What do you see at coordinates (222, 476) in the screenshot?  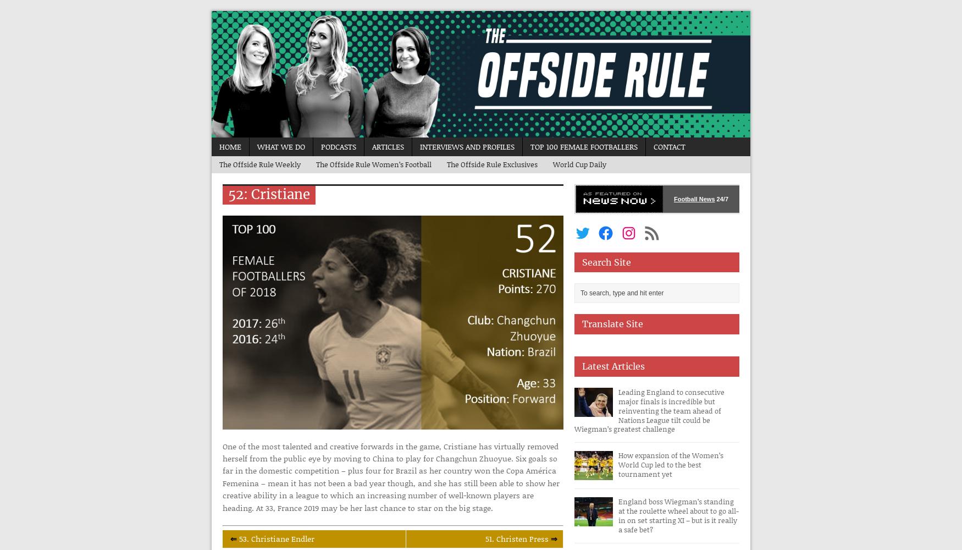 I see `'One of the most talented and creative forwards in the game, Cristiane has virtually removed herself from the public eye by moving to China to play for Changchun Zhuoyue. Six goals so far in the domestic competition – plus four for Brazil as her country won the Copa América Femenina – mean it has not been a bad year though, and she has still been able to show her creative ability in a league to which an increasing number of well-known players are heading. At 33, France 2019 may be her last chance to star on the big stage.'` at bounding box center [222, 476].